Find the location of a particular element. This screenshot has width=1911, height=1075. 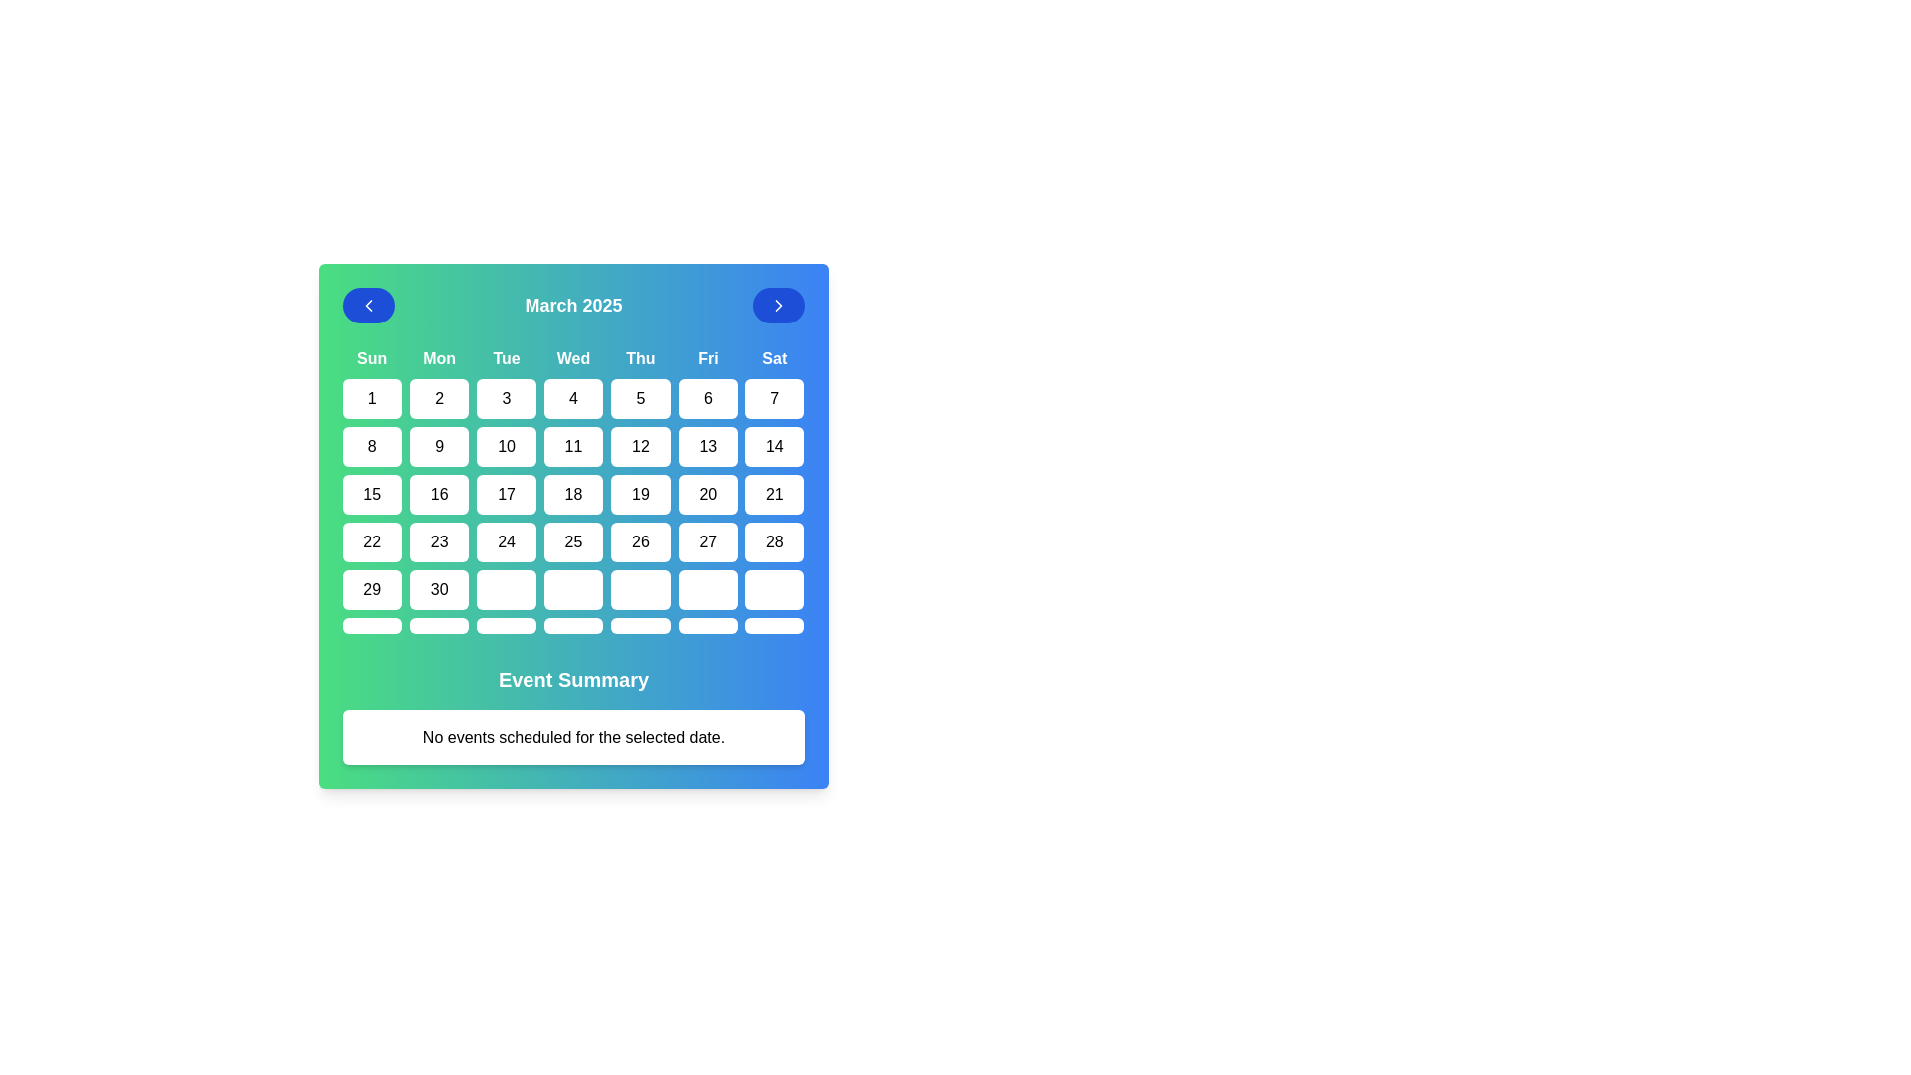

the interactive button for the date '25' located in the sixth column and fourth row of the calendar grid under the 'Wed' header is located at coordinates (572, 541).